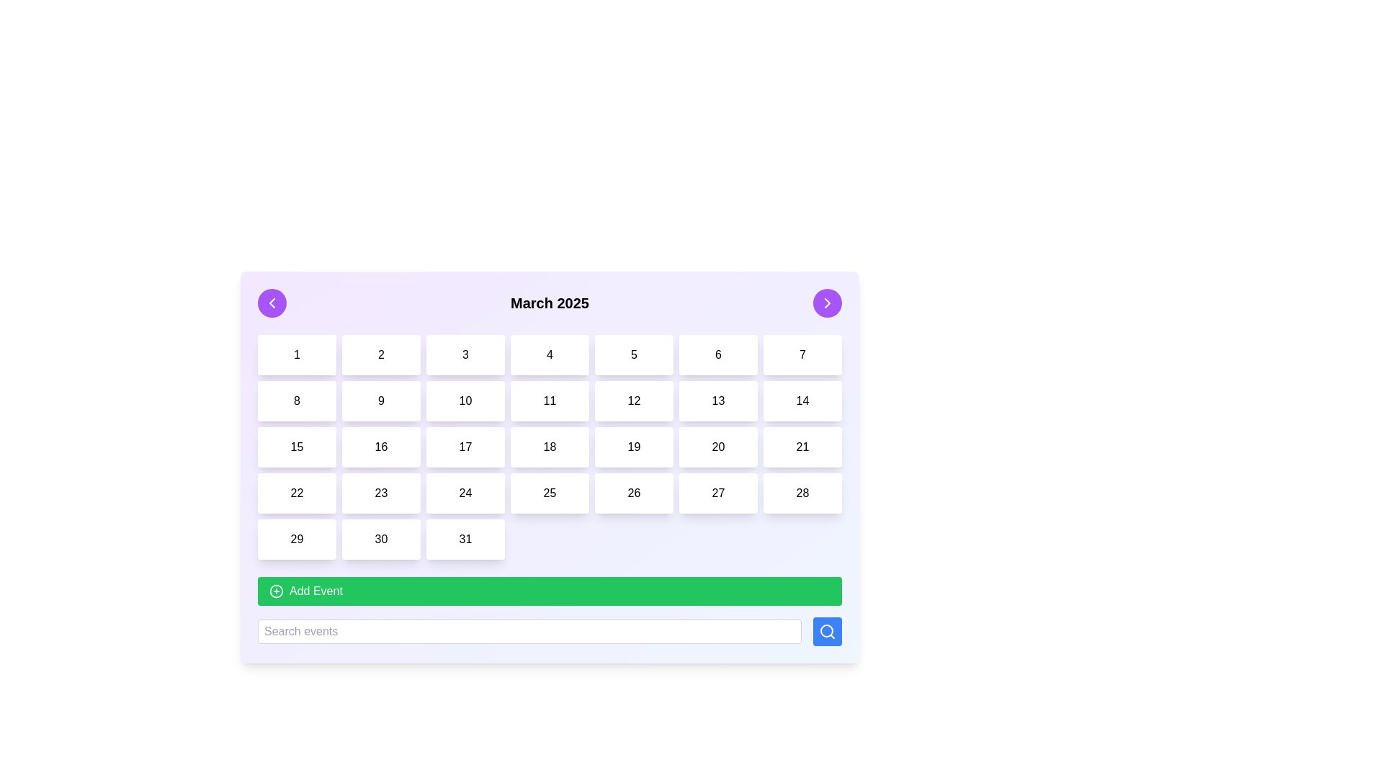 The image size is (1383, 778). I want to click on the Date Cell representing the 27th day in the March 2025 calendar, so click(718, 493).